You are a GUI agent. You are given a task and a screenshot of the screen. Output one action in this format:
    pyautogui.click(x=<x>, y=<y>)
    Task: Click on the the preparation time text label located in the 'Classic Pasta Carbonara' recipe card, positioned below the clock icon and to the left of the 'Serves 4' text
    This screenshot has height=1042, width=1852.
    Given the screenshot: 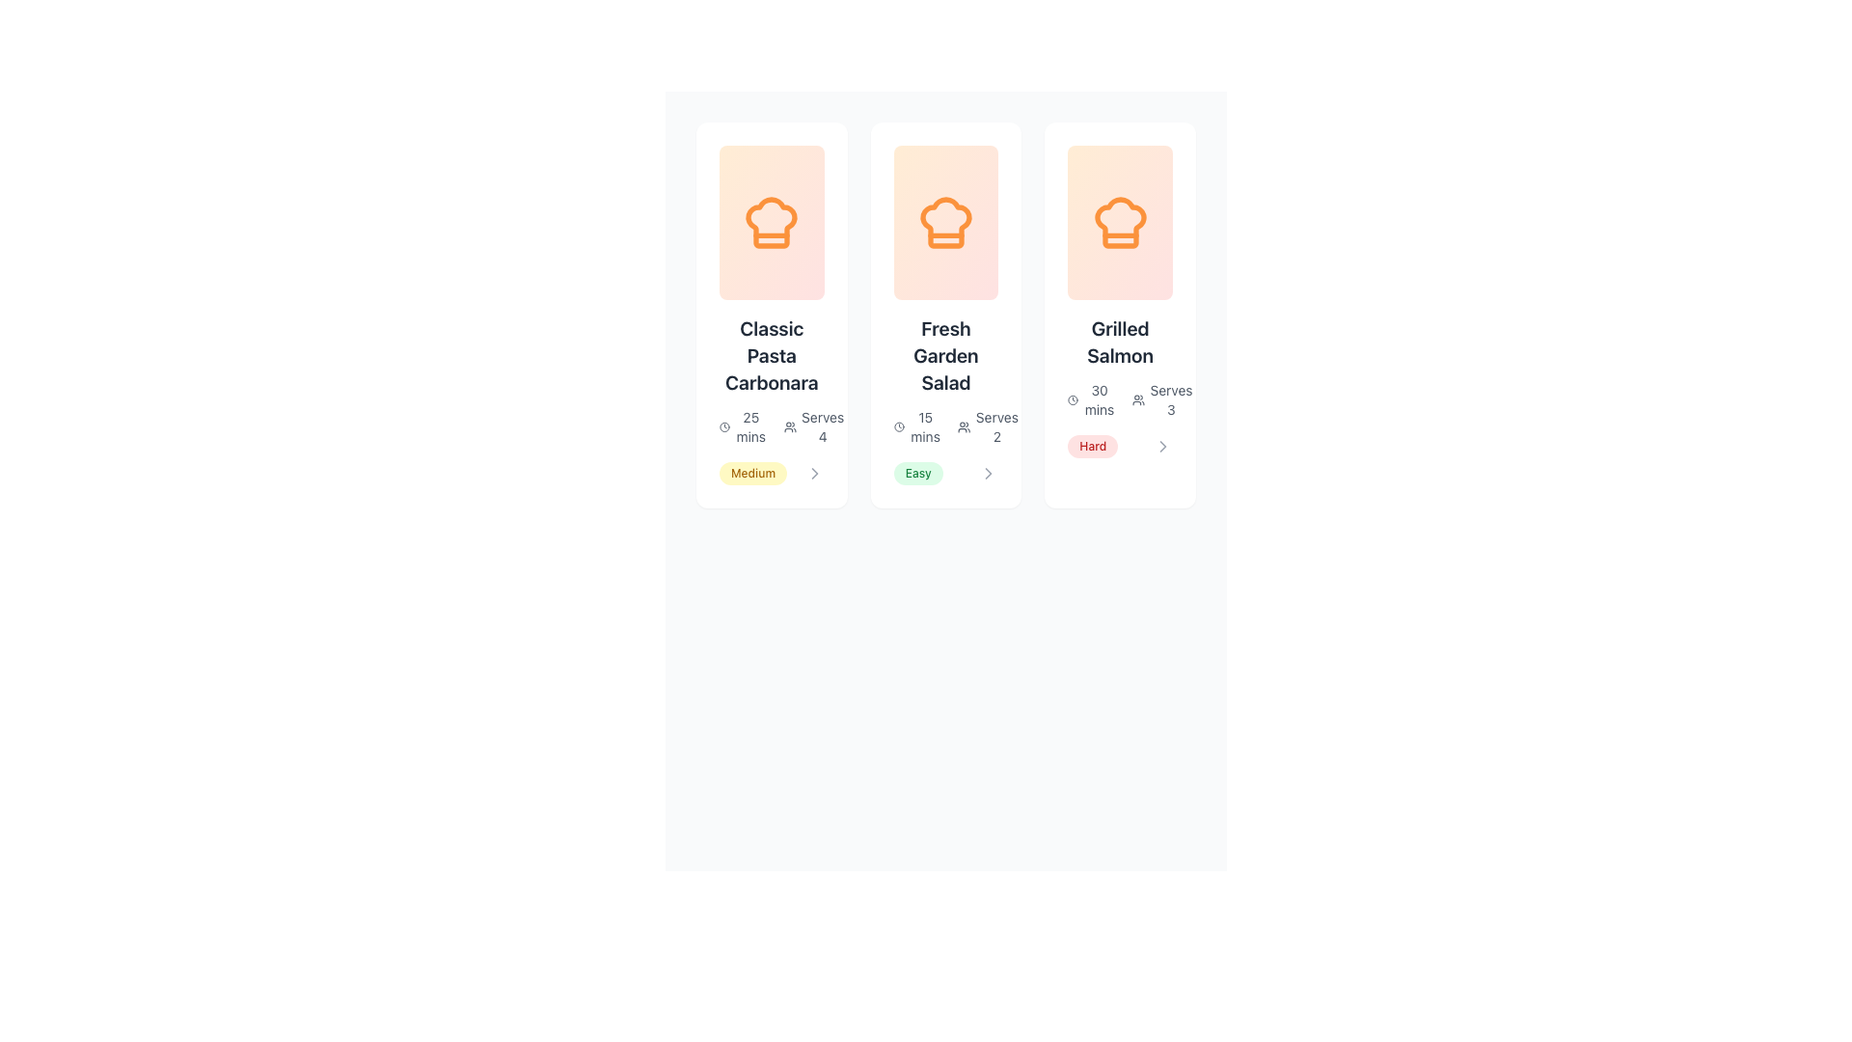 What is the action you would take?
    pyautogui.click(x=749, y=426)
    